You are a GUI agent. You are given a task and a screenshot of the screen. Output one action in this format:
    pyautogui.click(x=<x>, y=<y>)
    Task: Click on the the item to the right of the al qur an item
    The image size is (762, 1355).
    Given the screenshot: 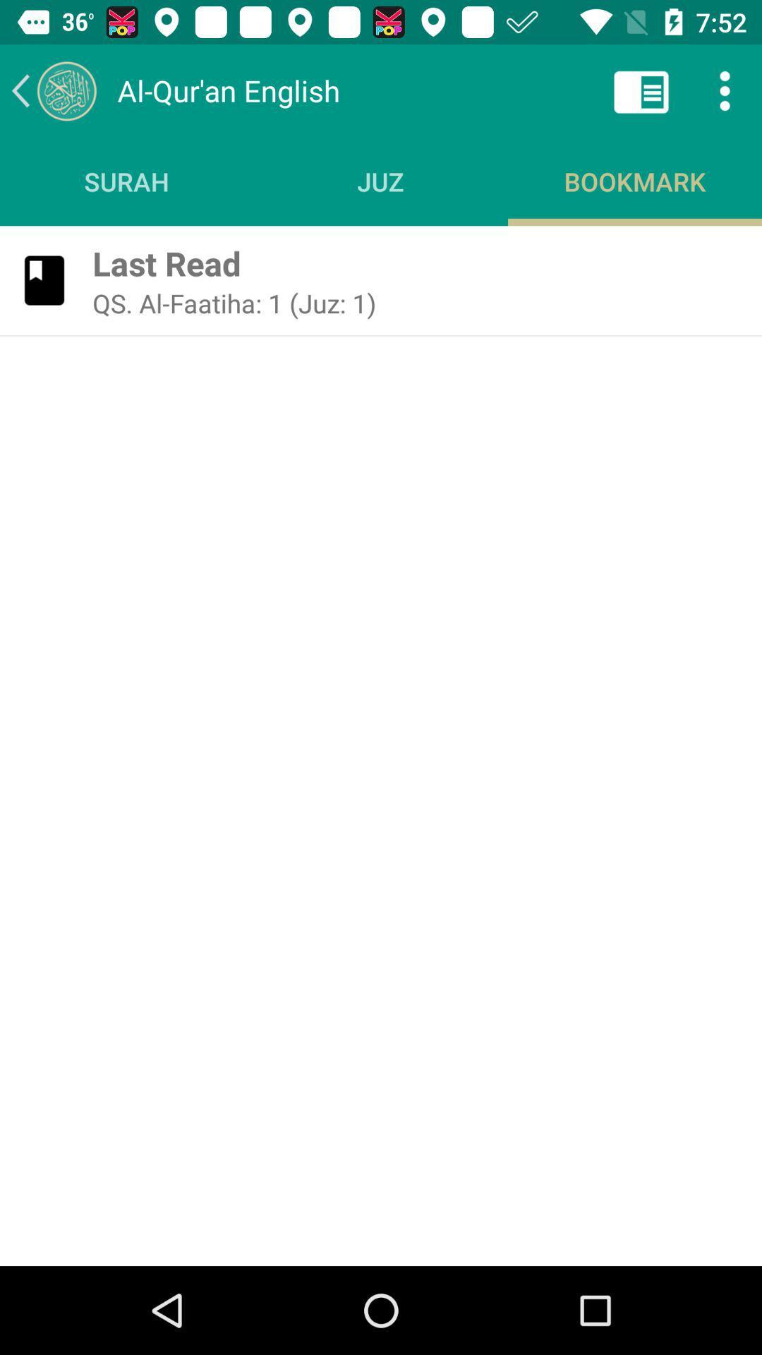 What is the action you would take?
    pyautogui.click(x=641, y=90)
    